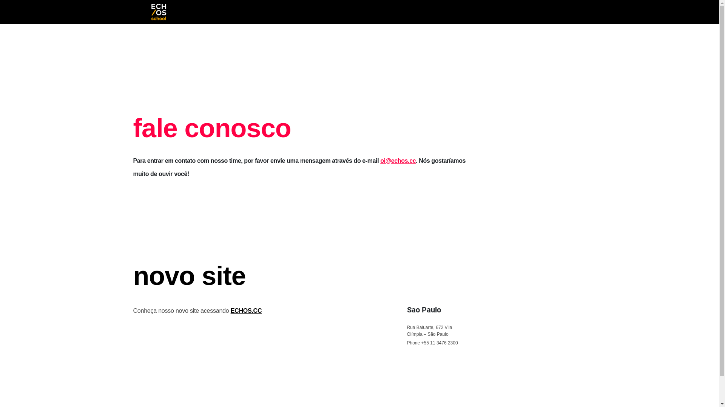 This screenshot has width=725, height=407. I want to click on 'ECHOS.CC', so click(246, 311).